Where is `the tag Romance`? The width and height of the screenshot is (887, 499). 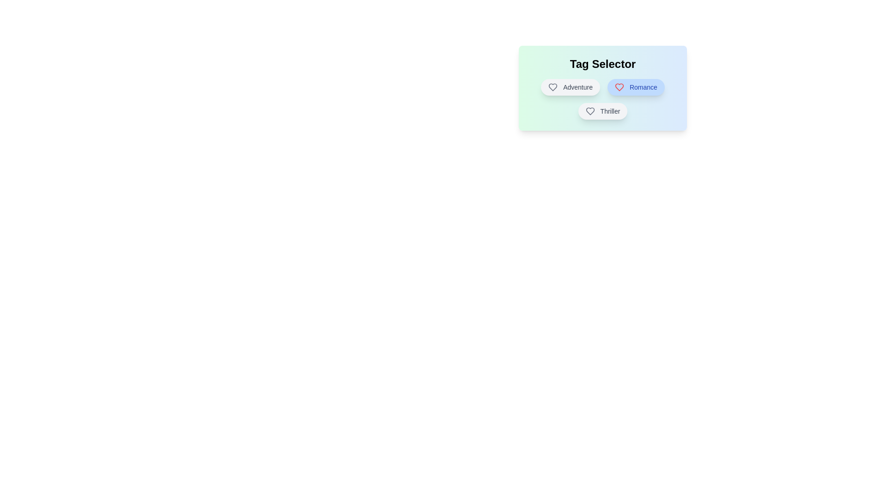
the tag Romance is located at coordinates (636, 87).